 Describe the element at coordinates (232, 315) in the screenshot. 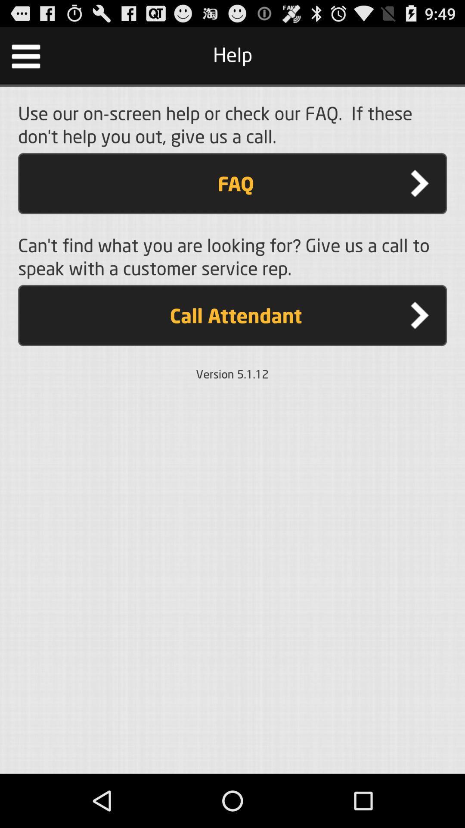

I see `the call attendant item` at that location.